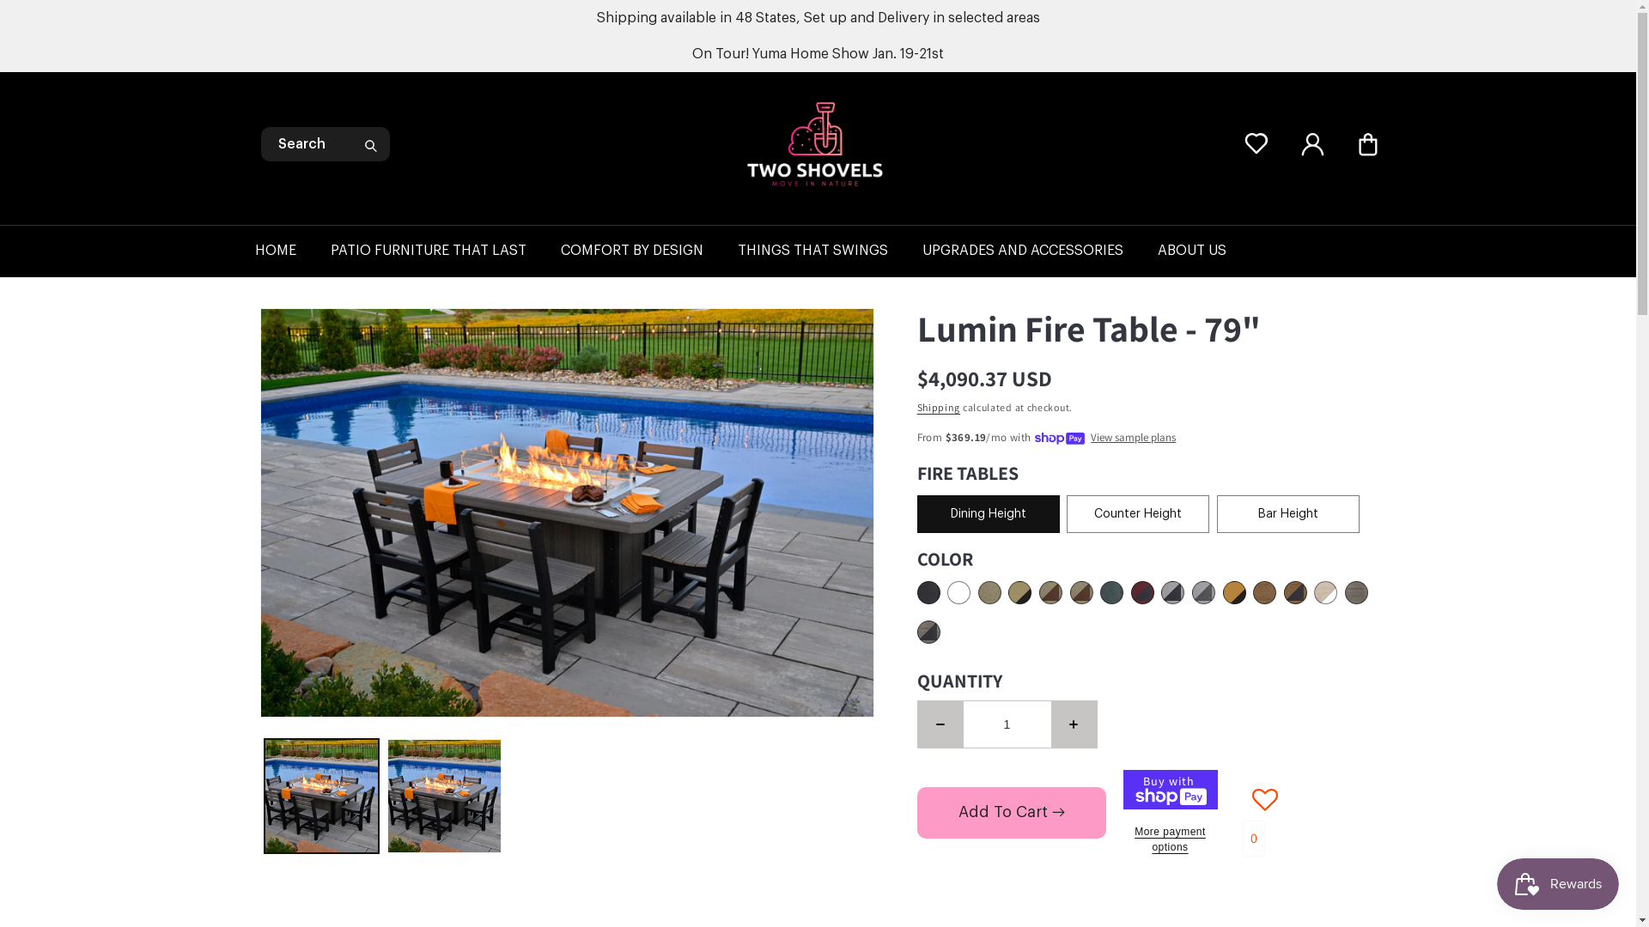 The height and width of the screenshot is (927, 1649). Describe the element at coordinates (445, 251) in the screenshot. I see `'PATIO FURNITURE THAT LAST'` at that location.